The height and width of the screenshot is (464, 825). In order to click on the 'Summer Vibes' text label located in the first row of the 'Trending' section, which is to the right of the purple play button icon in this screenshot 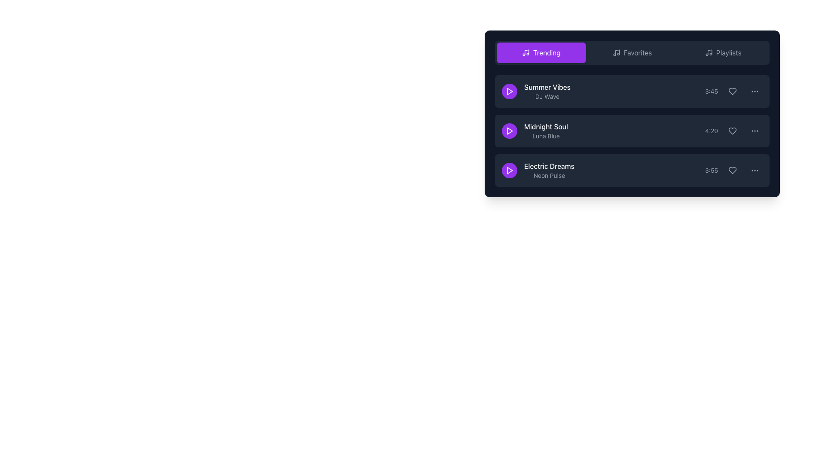, I will do `click(547, 87)`.